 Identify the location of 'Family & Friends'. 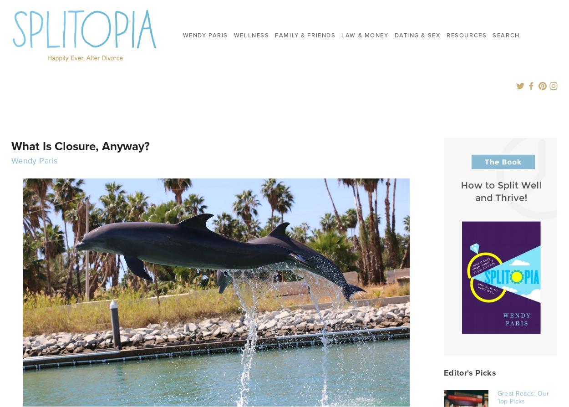
(274, 35).